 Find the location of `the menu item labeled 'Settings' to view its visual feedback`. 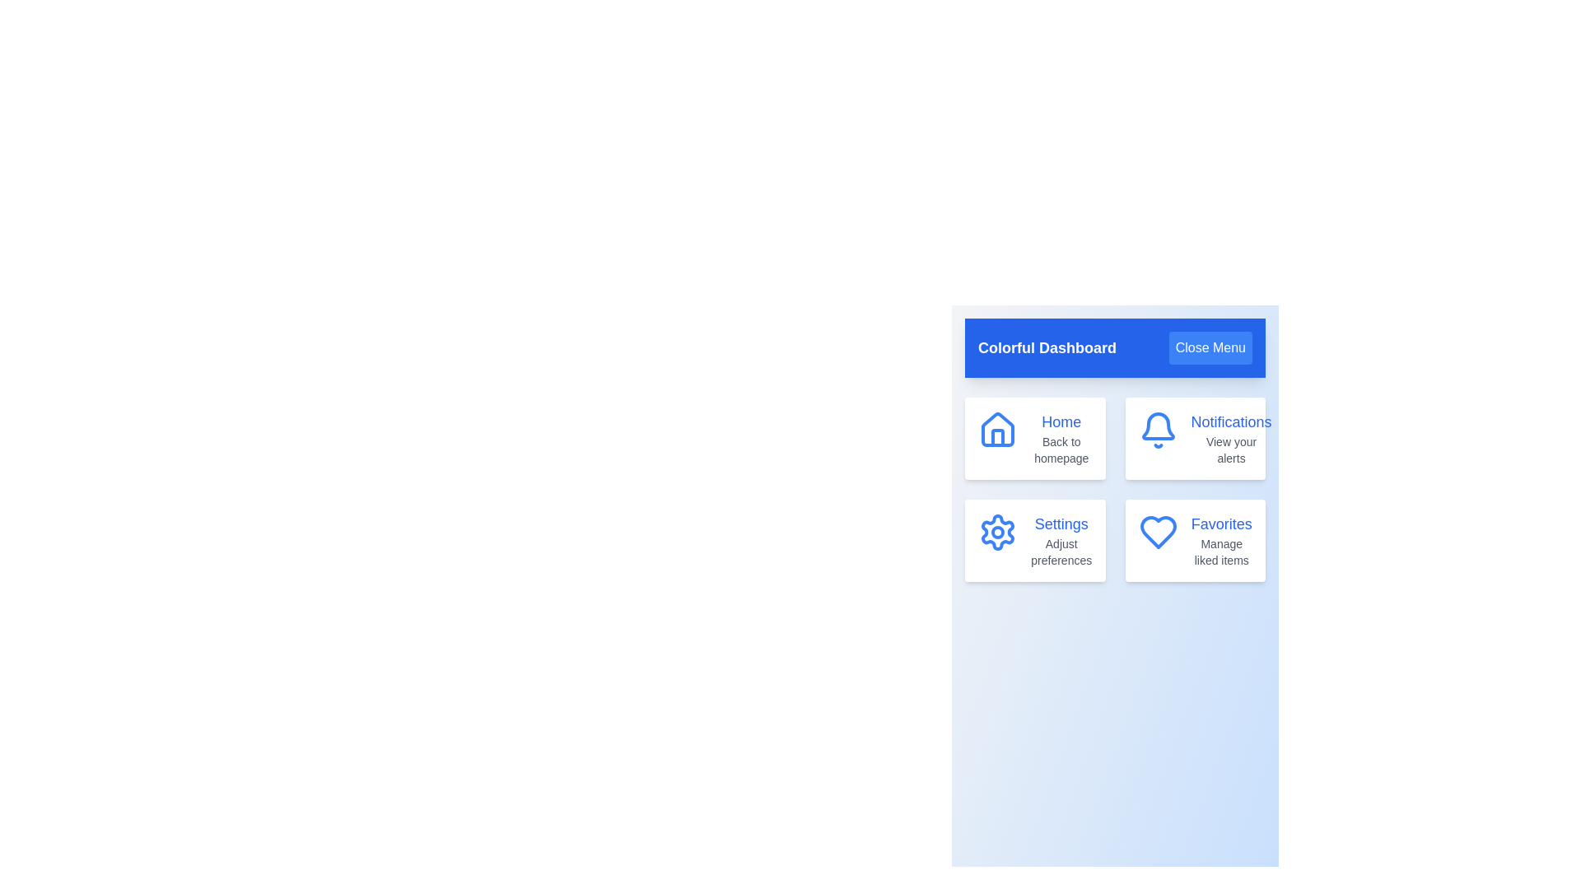

the menu item labeled 'Settings' to view its visual feedback is located at coordinates (1034, 540).